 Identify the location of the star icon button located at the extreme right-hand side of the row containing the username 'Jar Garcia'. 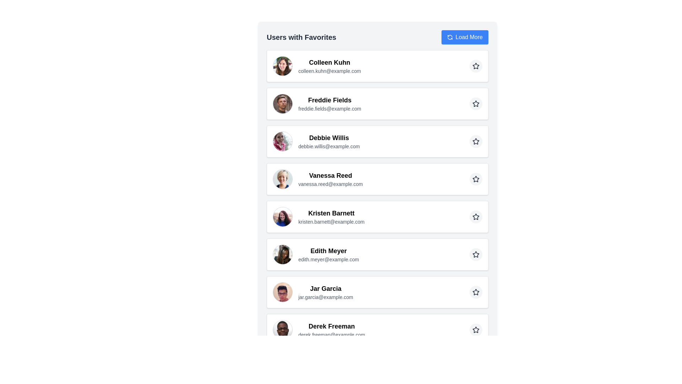
(476, 292).